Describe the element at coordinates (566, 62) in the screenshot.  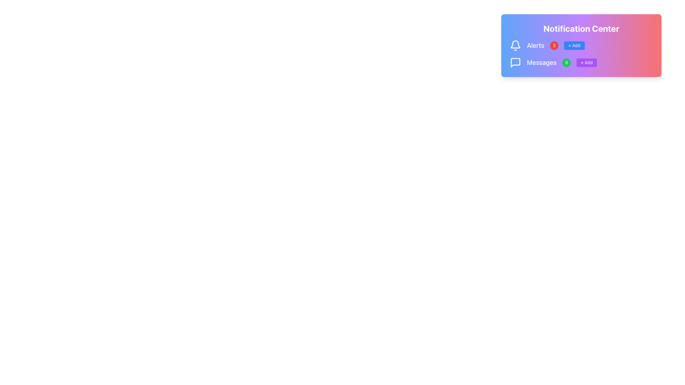
I see `the badge displaying the number '8' in the 'Messages' section of the Notification Center, which is positioned between the text 'Messages' and the '+ Add' button` at that location.